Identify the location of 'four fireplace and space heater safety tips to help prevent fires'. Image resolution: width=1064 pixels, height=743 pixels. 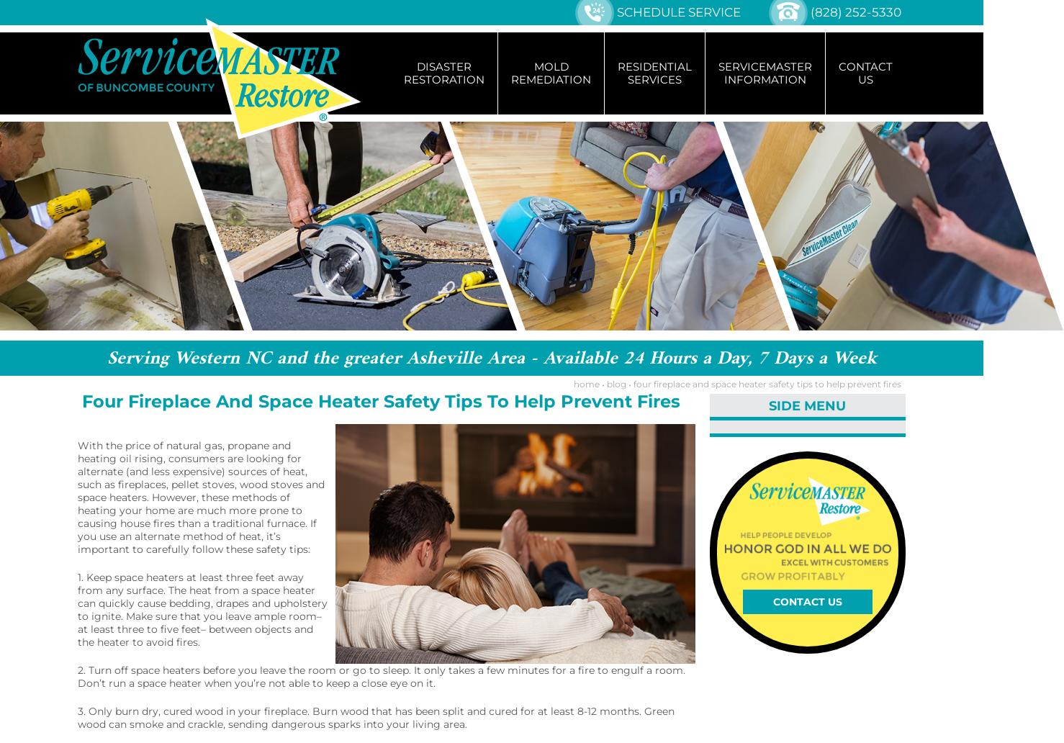
(633, 384).